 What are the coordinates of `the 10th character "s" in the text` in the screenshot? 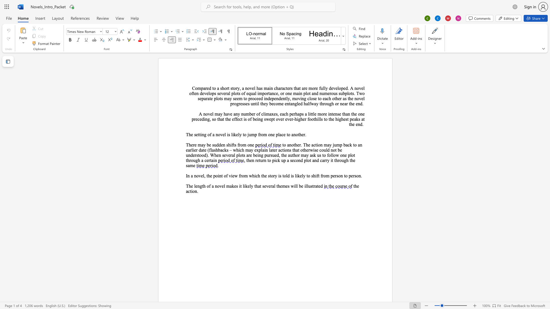 It's located at (320, 155).